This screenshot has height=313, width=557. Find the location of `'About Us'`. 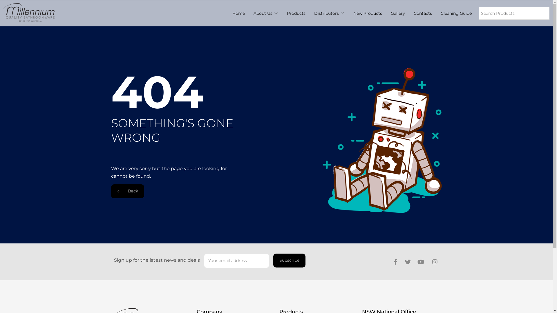

'About Us' is located at coordinates (263, 13).